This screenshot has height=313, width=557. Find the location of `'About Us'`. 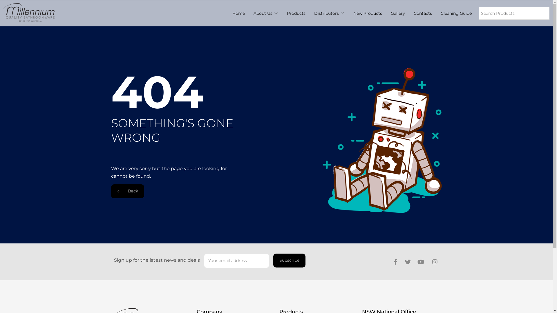

'About Us' is located at coordinates (263, 13).